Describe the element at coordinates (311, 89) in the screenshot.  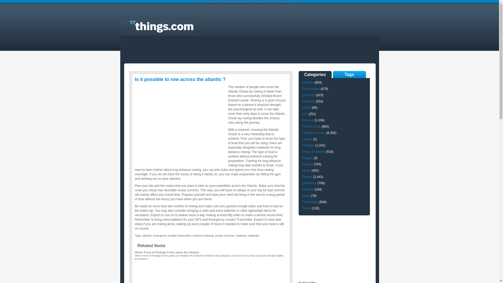
I see `'Automobiles'` at that location.